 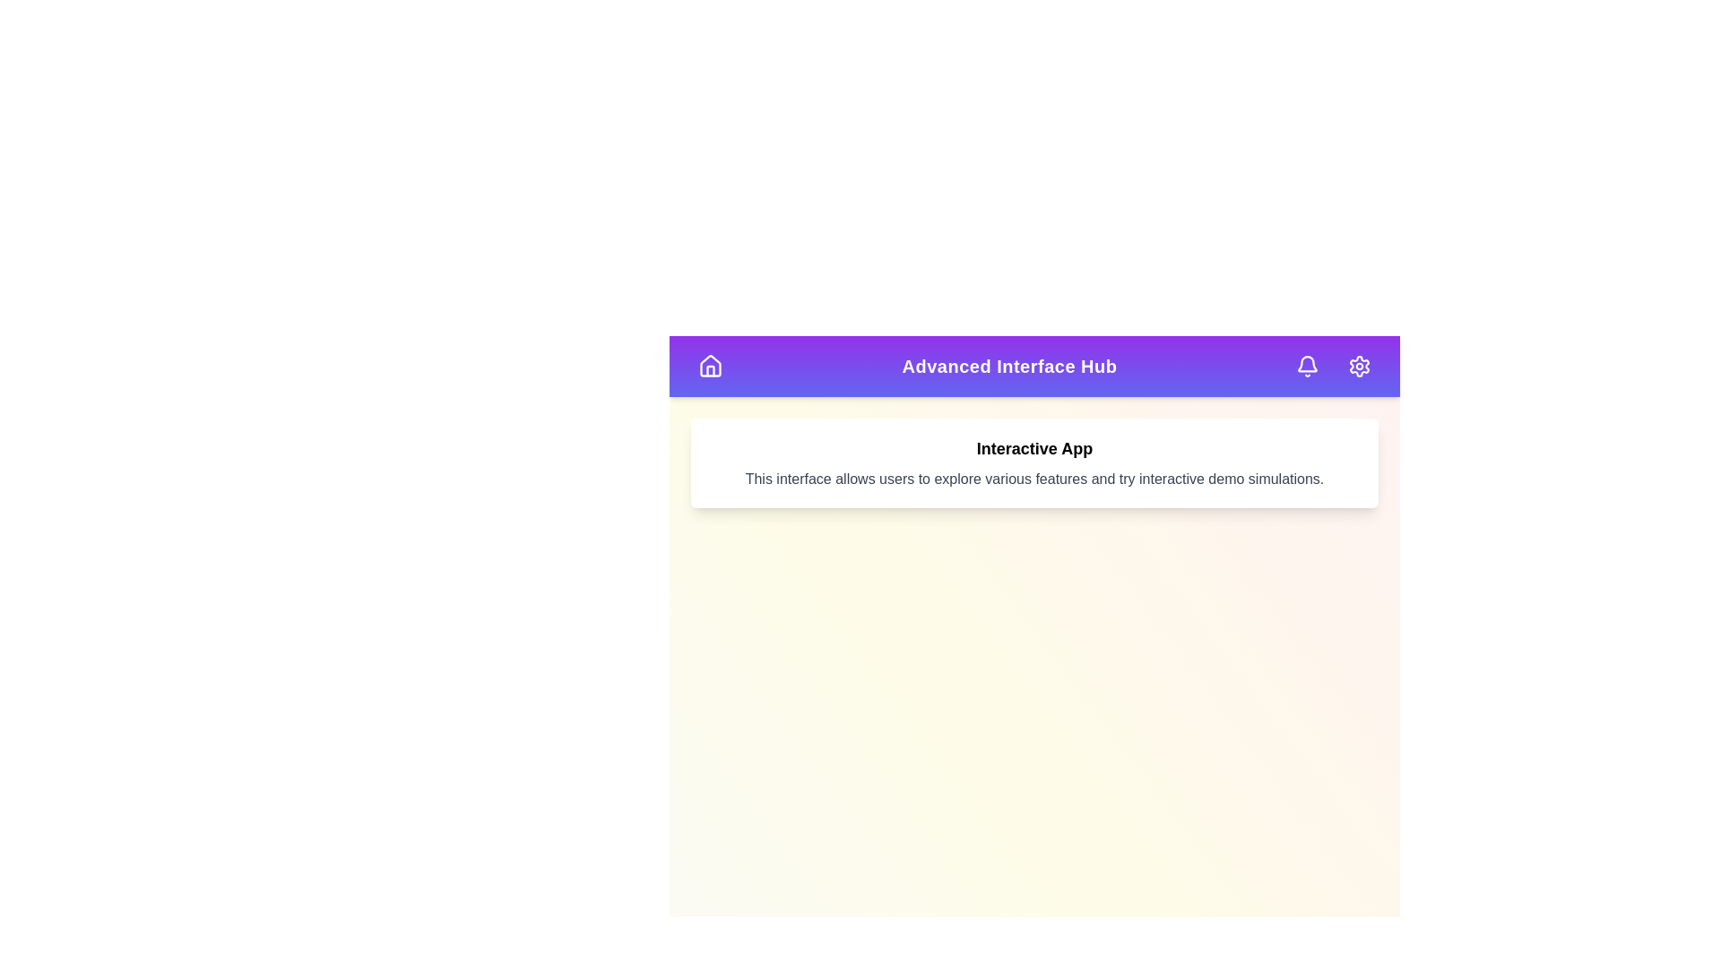 I want to click on the settings button to access configuration options, so click(x=1359, y=365).